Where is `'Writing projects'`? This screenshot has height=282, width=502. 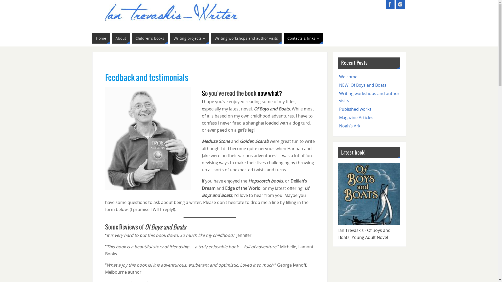 'Writing projects' is located at coordinates (170, 38).